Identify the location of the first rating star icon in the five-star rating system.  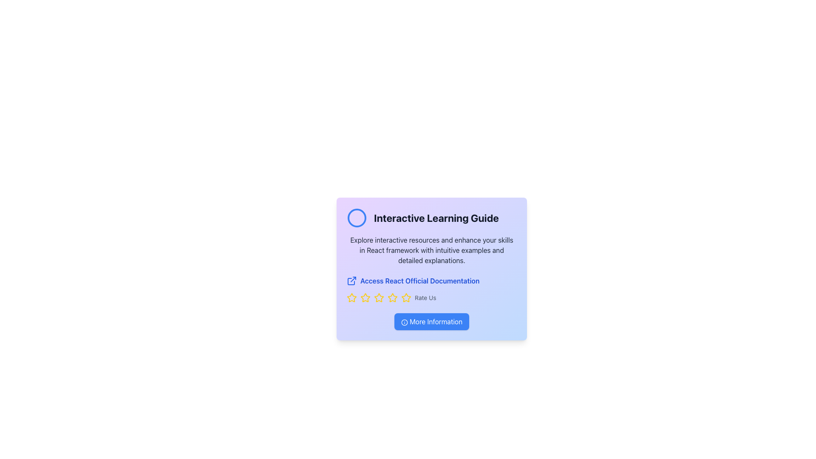
(352, 297).